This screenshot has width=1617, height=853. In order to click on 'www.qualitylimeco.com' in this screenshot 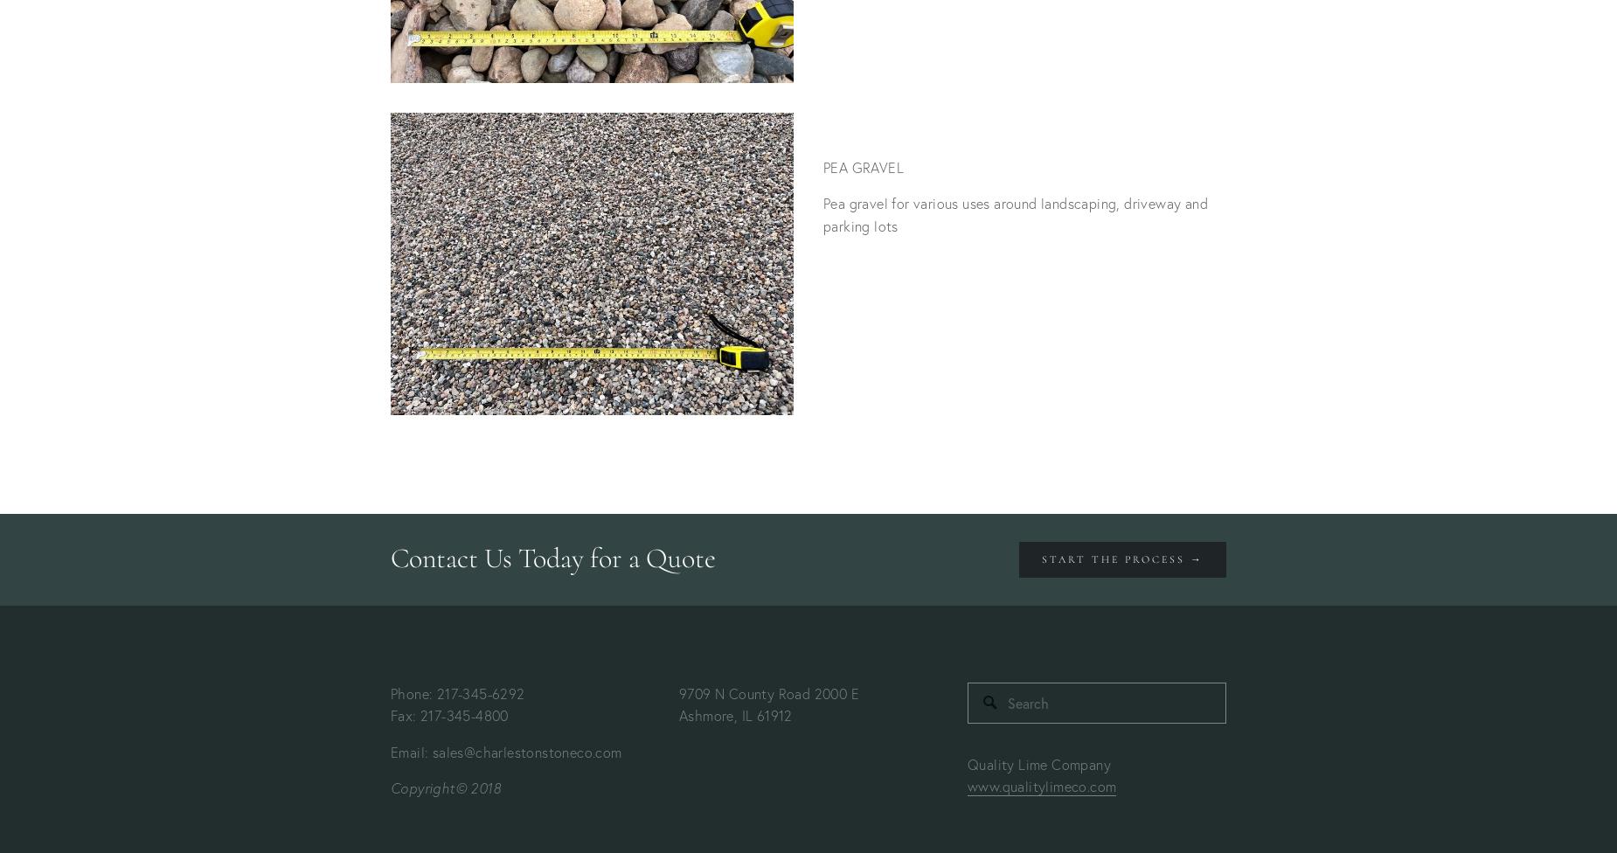, I will do `click(1040, 785)`.